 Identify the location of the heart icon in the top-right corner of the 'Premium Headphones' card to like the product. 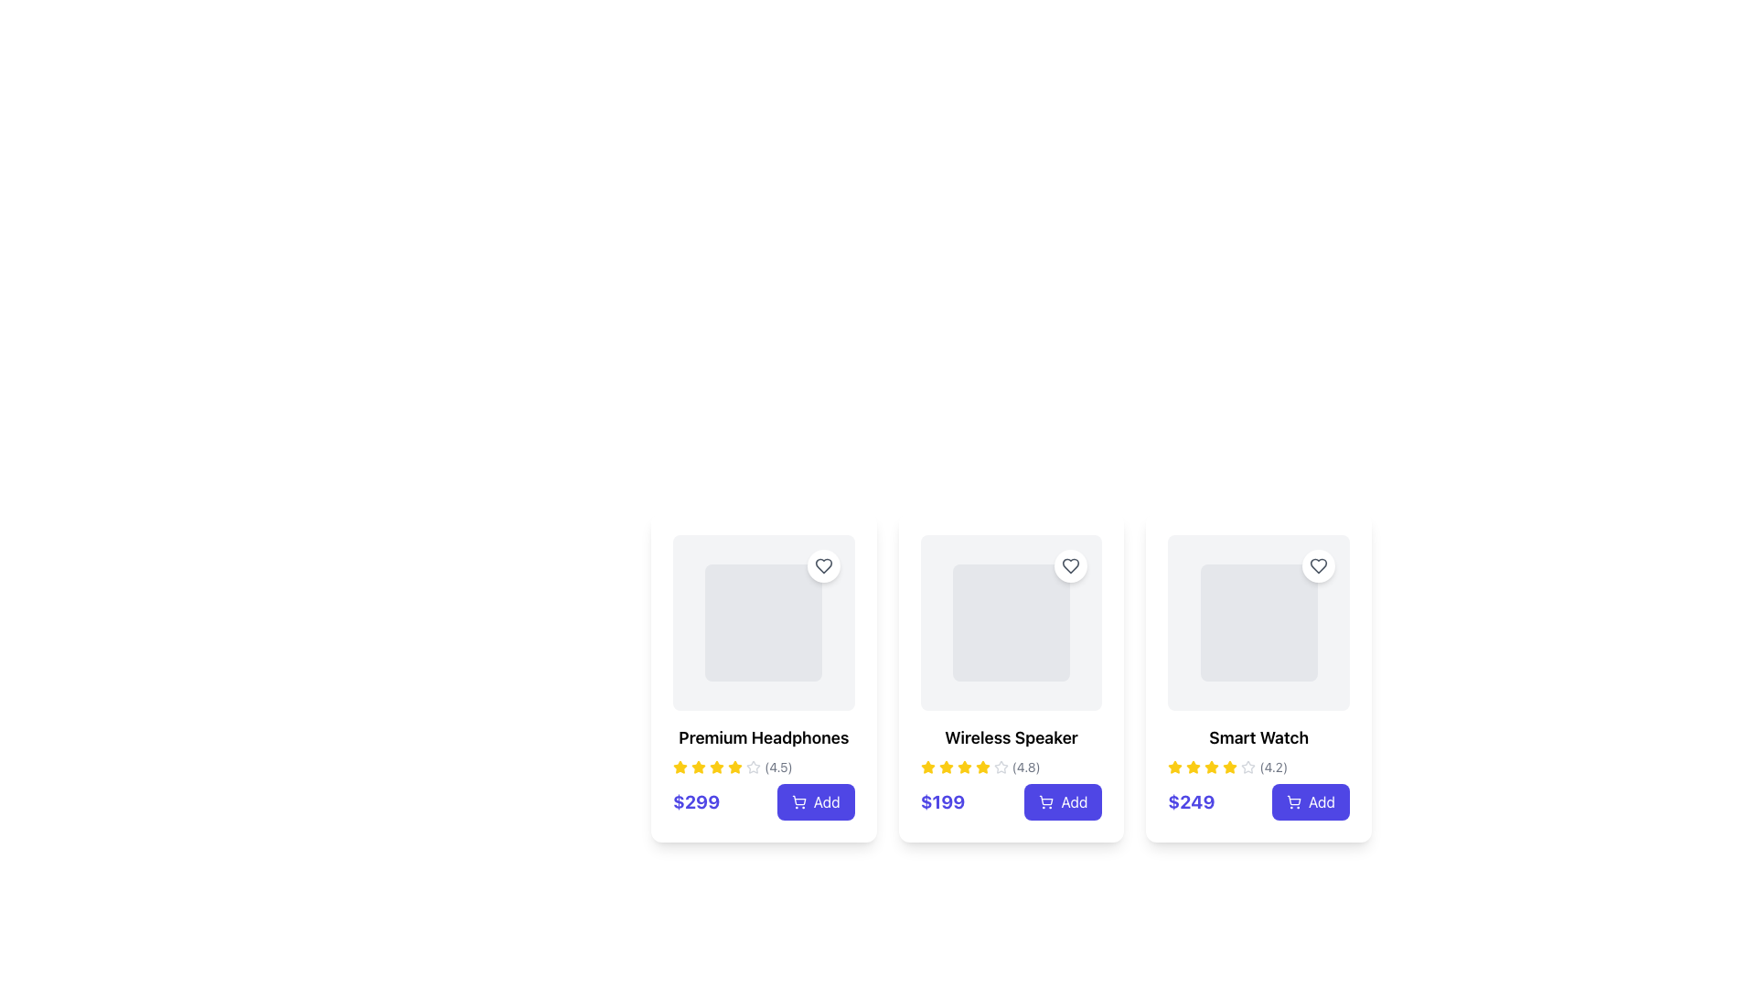
(822, 564).